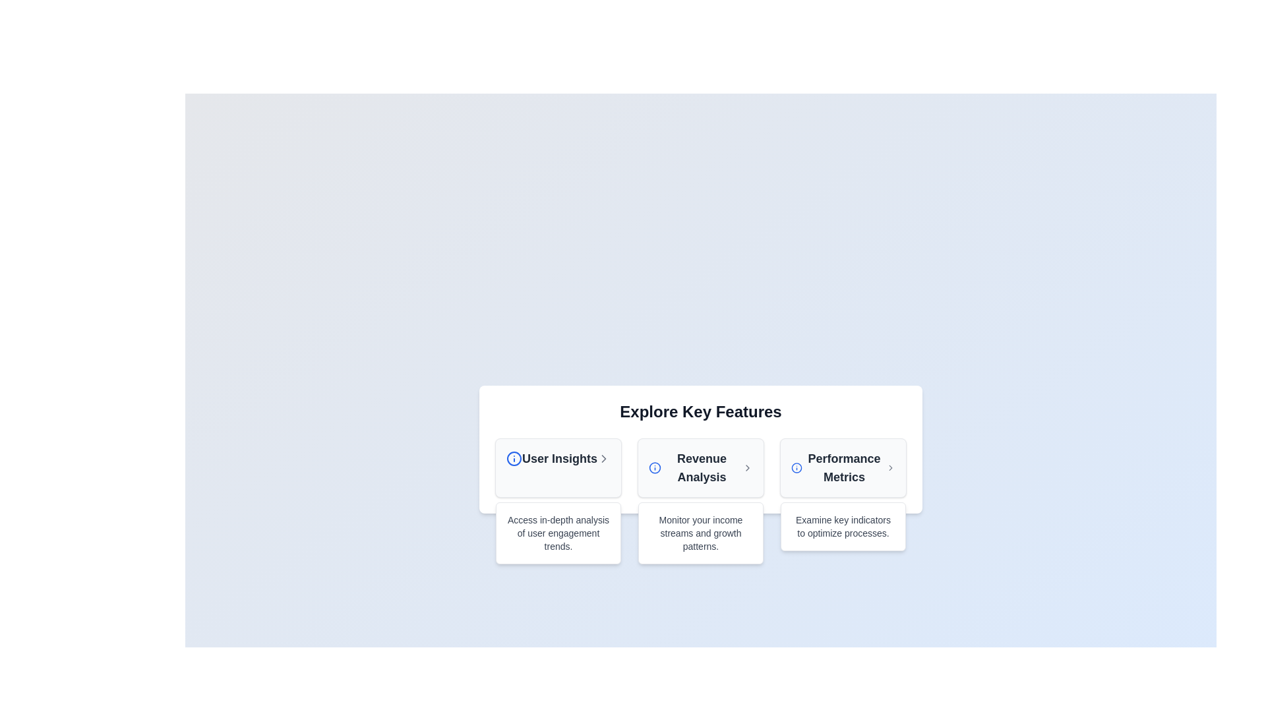 Image resolution: width=1266 pixels, height=712 pixels. I want to click on text from the 'Revenue Analysis' card, which contains the title in bold and a description about monitoring income streams and growth patterns, so click(700, 467).